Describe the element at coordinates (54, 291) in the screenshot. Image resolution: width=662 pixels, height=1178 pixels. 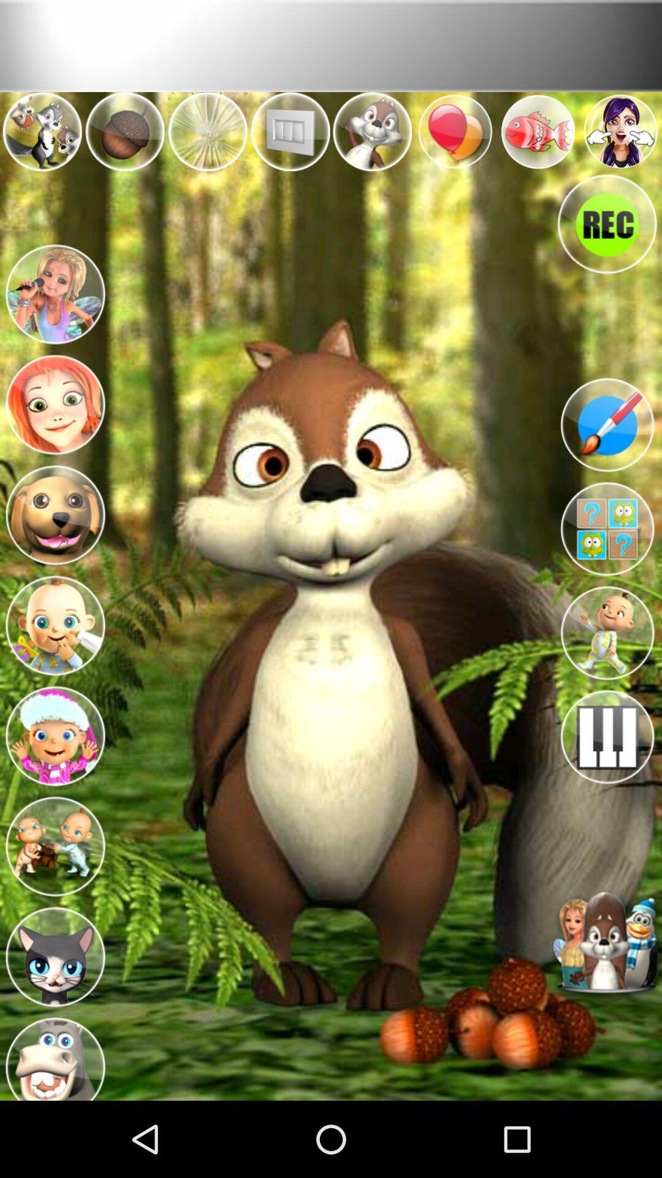
I see `switch charachters` at that location.